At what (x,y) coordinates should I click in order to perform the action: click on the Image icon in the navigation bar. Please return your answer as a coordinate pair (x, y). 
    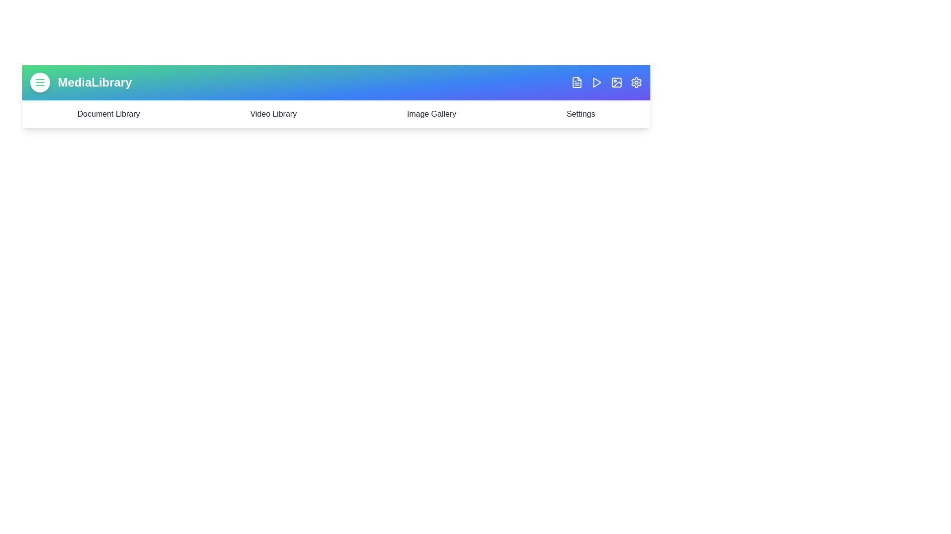
    Looking at the image, I should click on (616, 82).